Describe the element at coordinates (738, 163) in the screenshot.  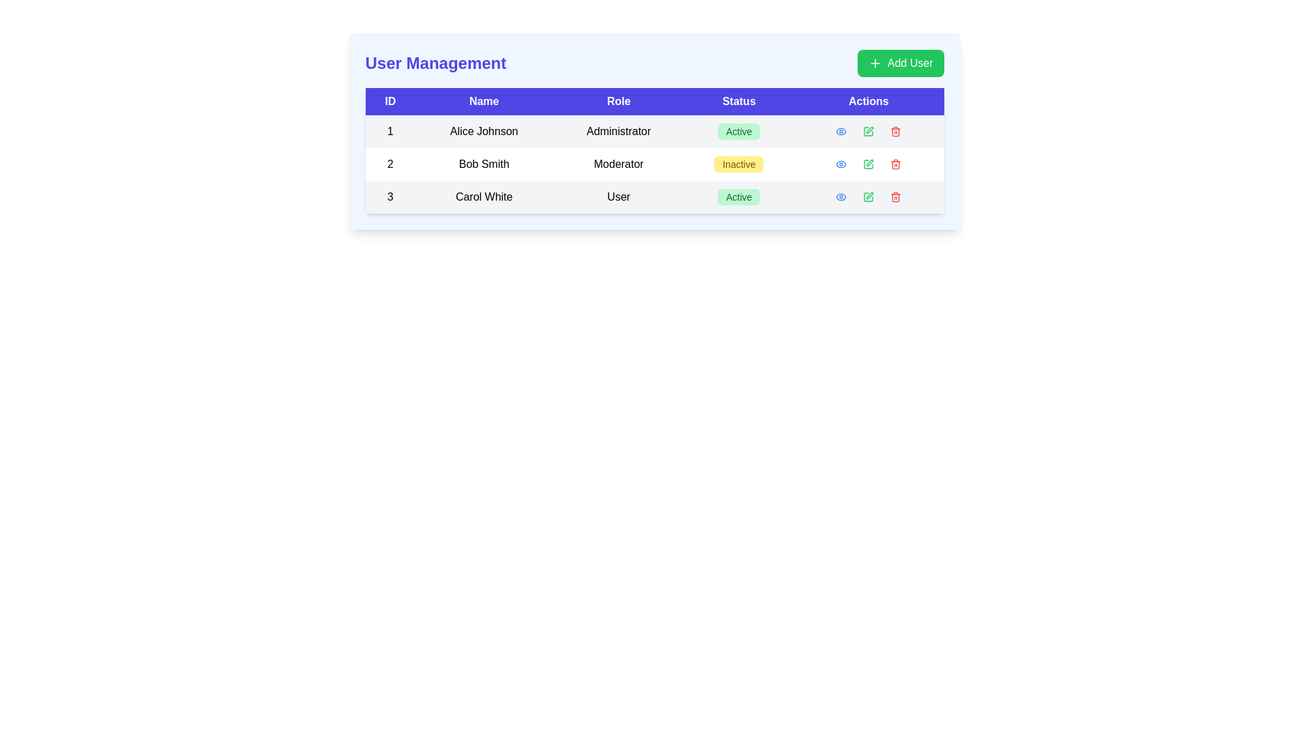
I see `the 'Status' label indicating 'Inactive' in the second row of the table, located between the 'Role' and 'Actions' columns` at that location.